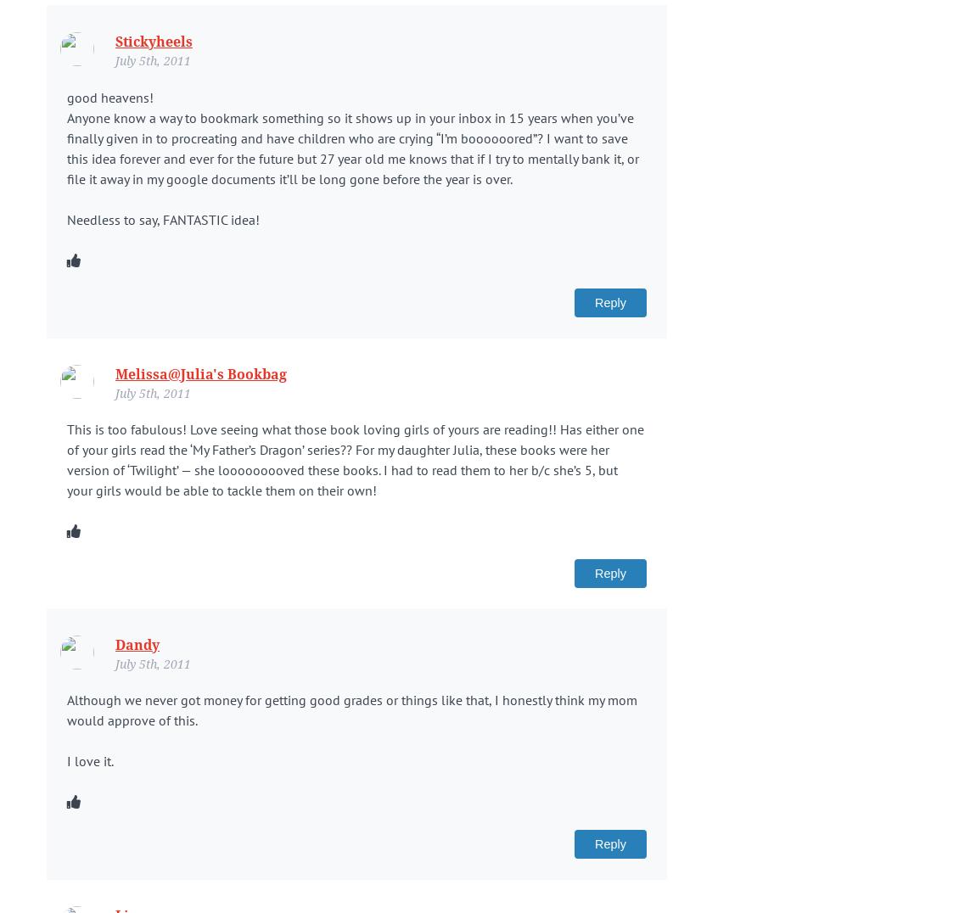  Describe the element at coordinates (162, 219) in the screenshot. I see `'Needless to say, FANTASTIC idea!'` at that location.